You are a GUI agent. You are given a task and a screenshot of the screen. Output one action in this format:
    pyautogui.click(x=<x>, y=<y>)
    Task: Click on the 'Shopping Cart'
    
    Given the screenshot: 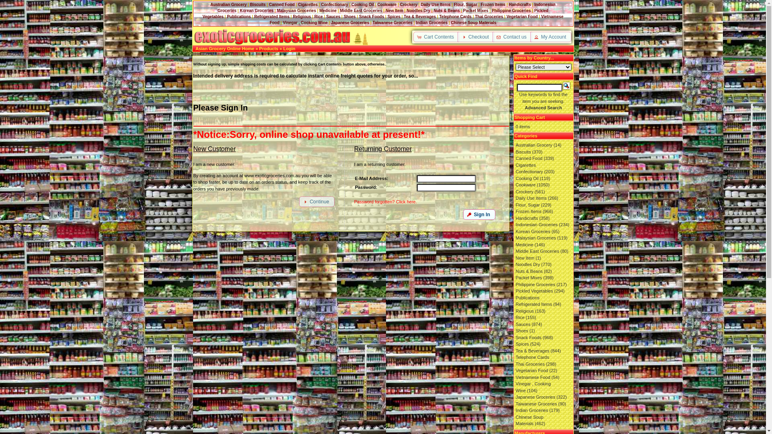 What is the action you would take?
    pyautogui.click(x=530, y=117)
    